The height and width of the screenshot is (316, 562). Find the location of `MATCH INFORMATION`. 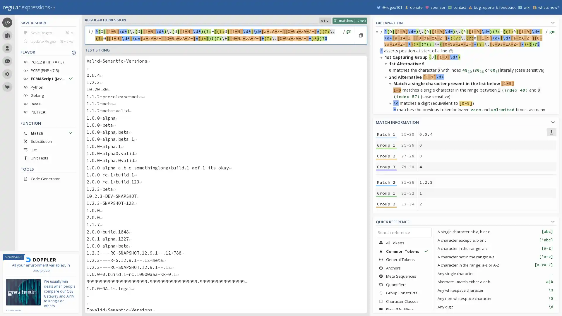

MATCH INFORMATION is located at coordinates (466, 121).